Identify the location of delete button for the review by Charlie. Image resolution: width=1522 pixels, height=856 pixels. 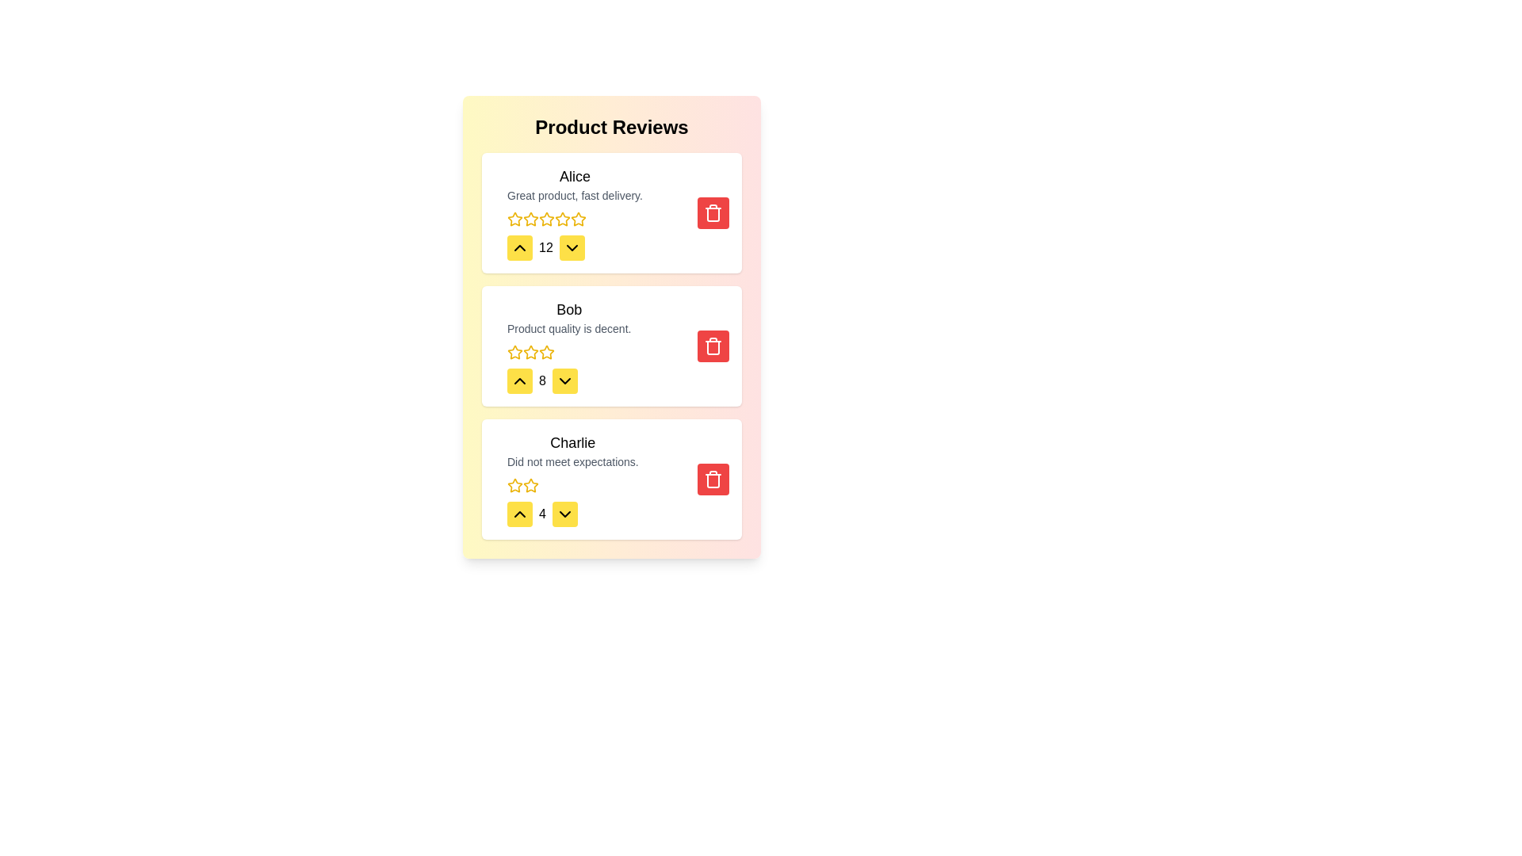
(713, 479).